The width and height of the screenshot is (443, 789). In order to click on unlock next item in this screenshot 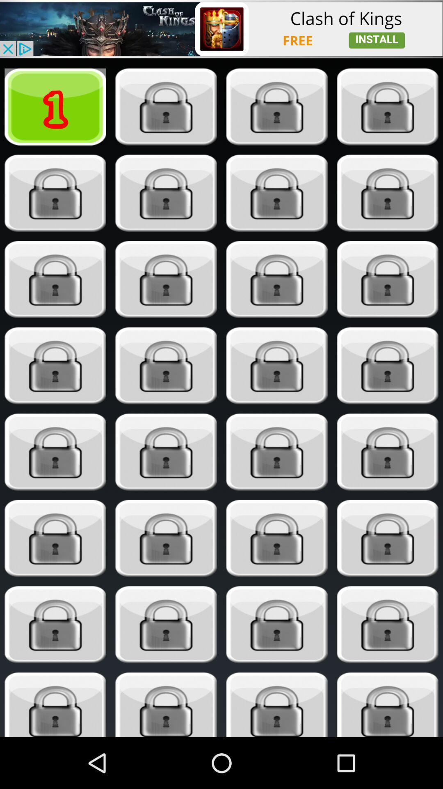, I will do `click(55, 452)`.